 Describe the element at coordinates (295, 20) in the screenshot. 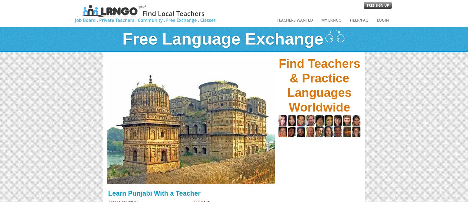

I see `'Teachers Wanted'` at that location.